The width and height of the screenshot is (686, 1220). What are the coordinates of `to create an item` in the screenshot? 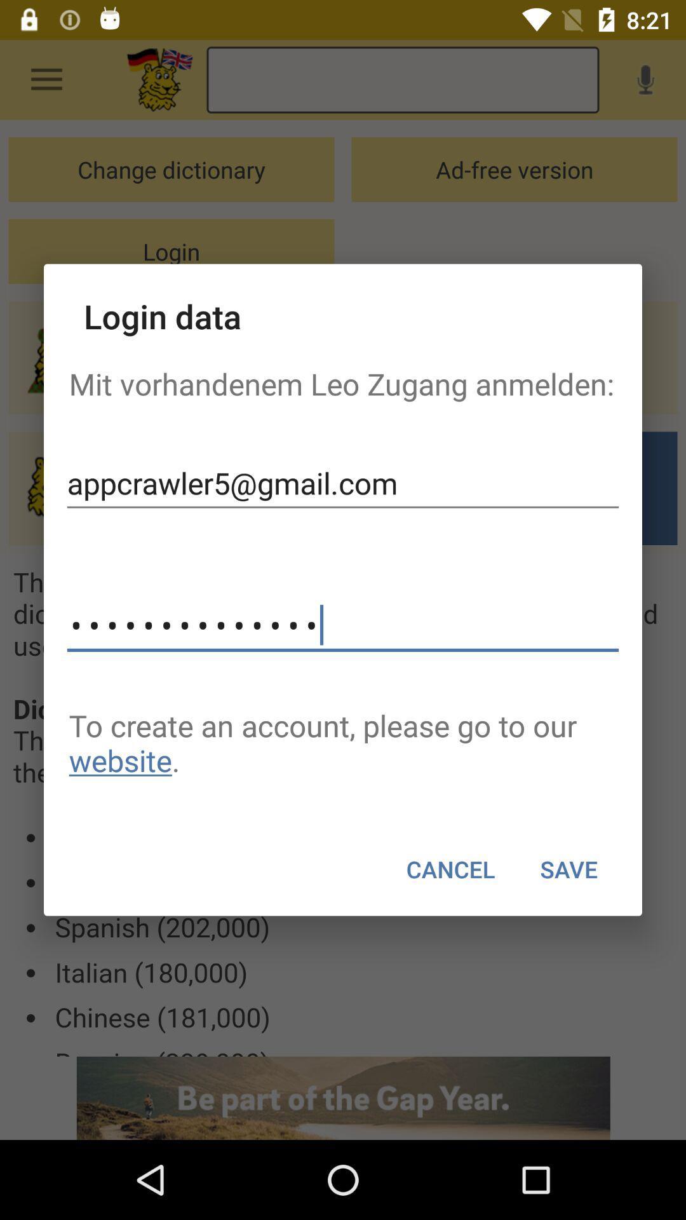 It's located at (343, 743).